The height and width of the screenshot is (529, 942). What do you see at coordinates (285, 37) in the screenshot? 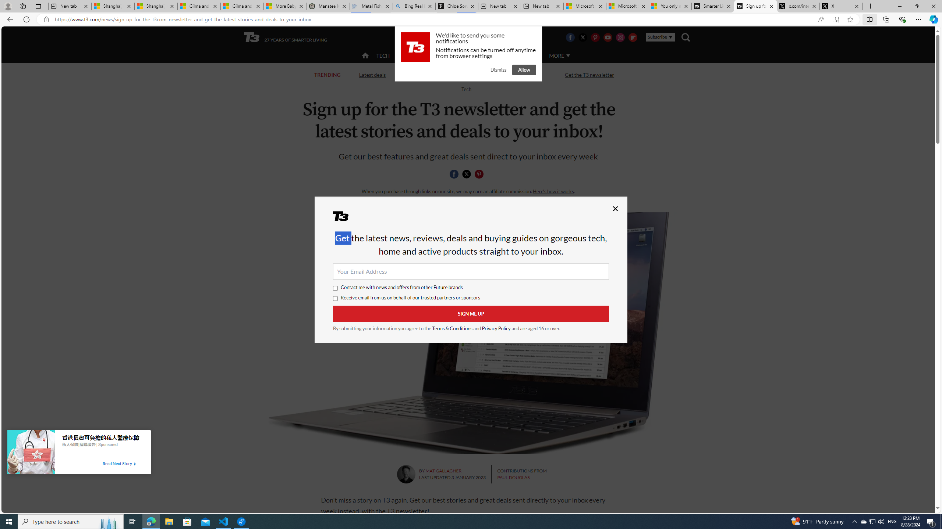
I see `'T3 27 YEARS OF SMARTER LIVING'` at bounding box center [285, 37].